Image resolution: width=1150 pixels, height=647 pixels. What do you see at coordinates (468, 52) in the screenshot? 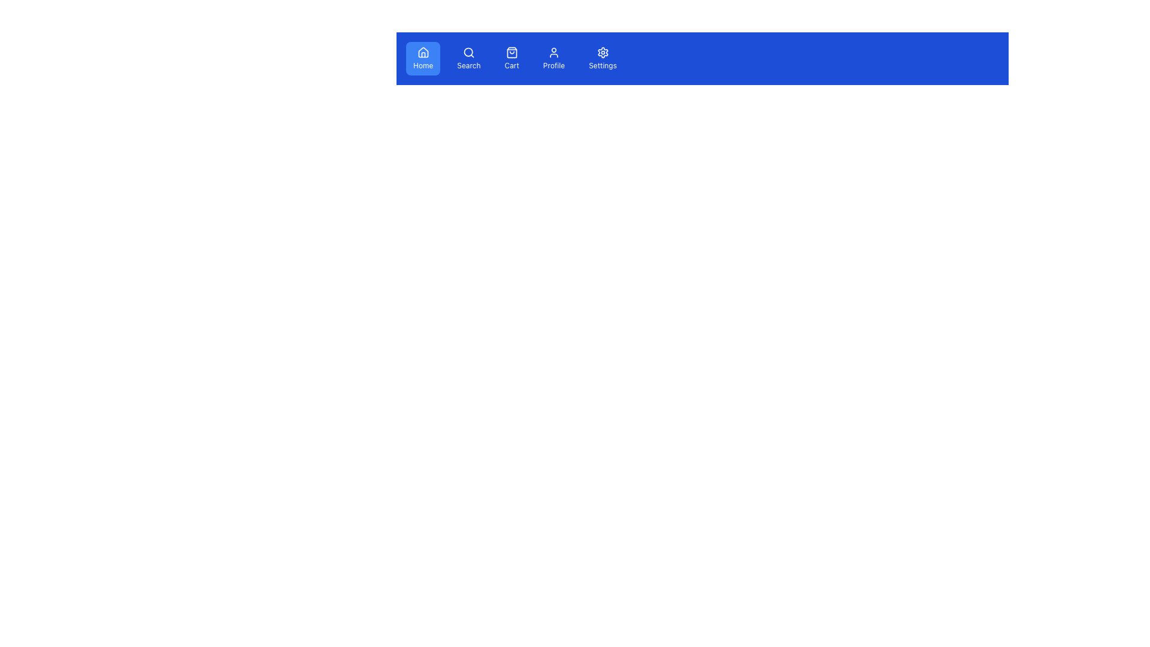
I see `the circular lens of the magnifying glass icon located in the top navigation bar, which is the second icon from the left, between the 'Home' and 'Cart' icons` at bounding box center [468, 52].